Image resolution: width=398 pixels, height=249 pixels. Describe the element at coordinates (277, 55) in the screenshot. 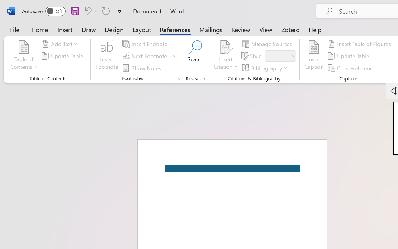

I see `'Style'` at that location.